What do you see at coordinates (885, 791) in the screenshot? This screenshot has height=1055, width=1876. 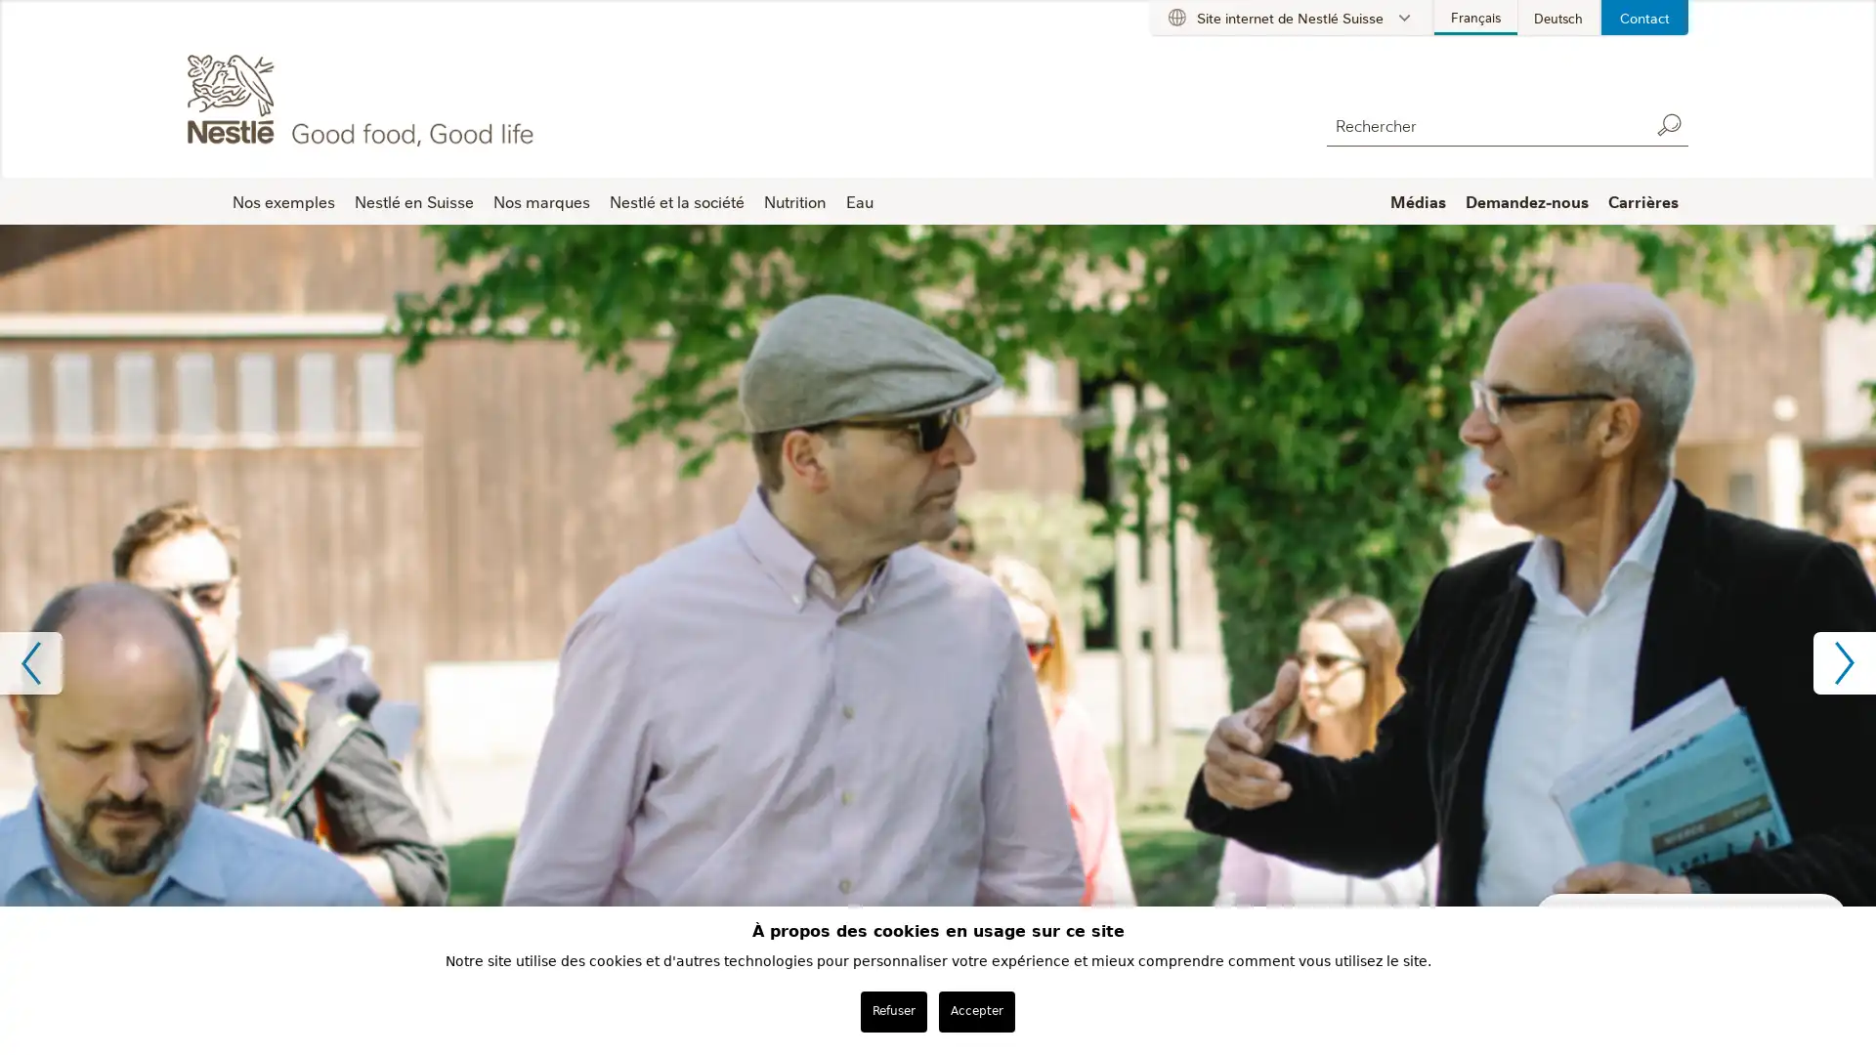 I see `1 of 5` at bounding box center [885, 791].